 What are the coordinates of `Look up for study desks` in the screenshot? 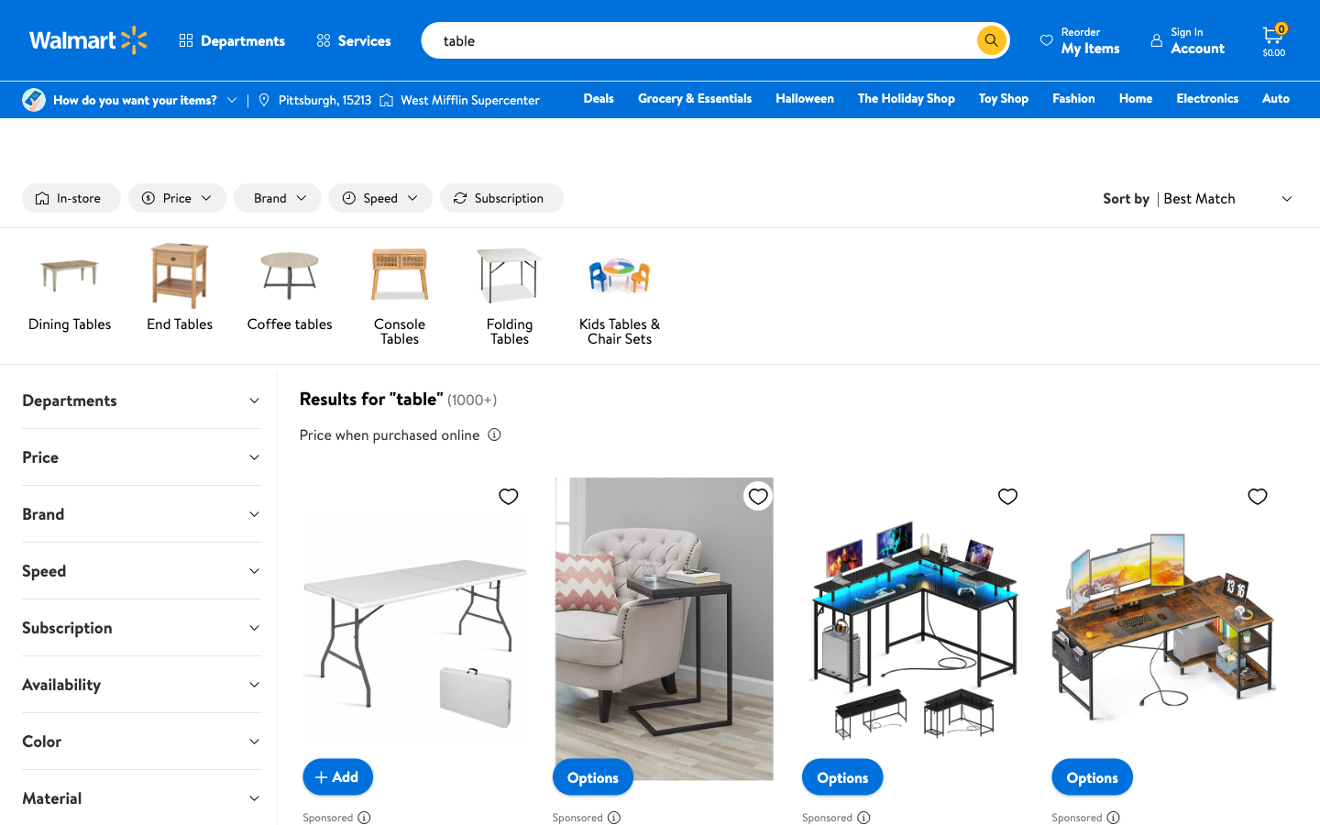 It's located at (962, 39).